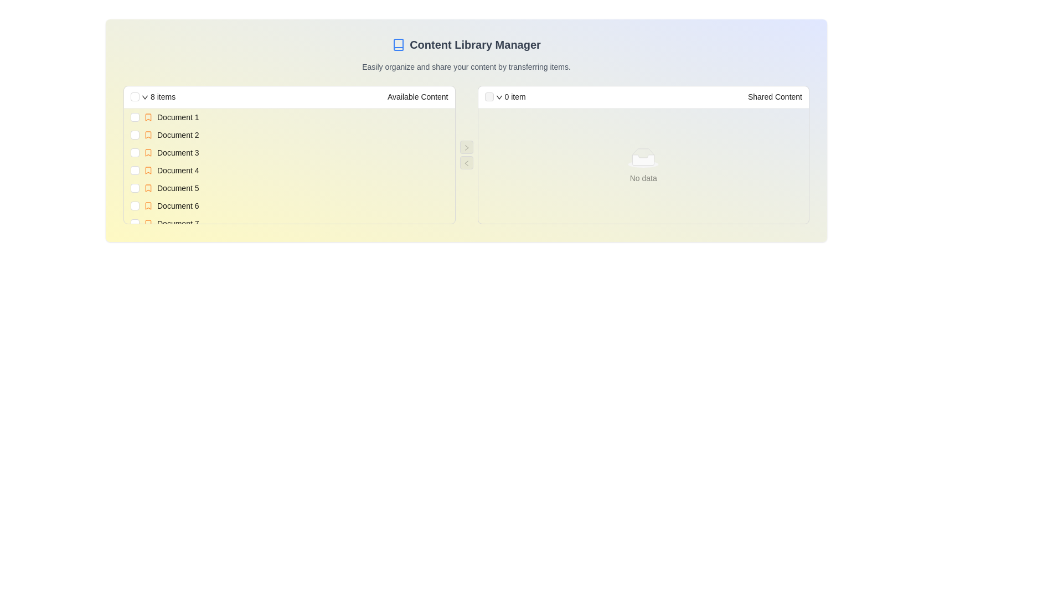 The image size is (1063, 598). Describe the element at coordinates (289, 171) in the screenshot. I see `the list item labeled 'Document 4'` at that location.